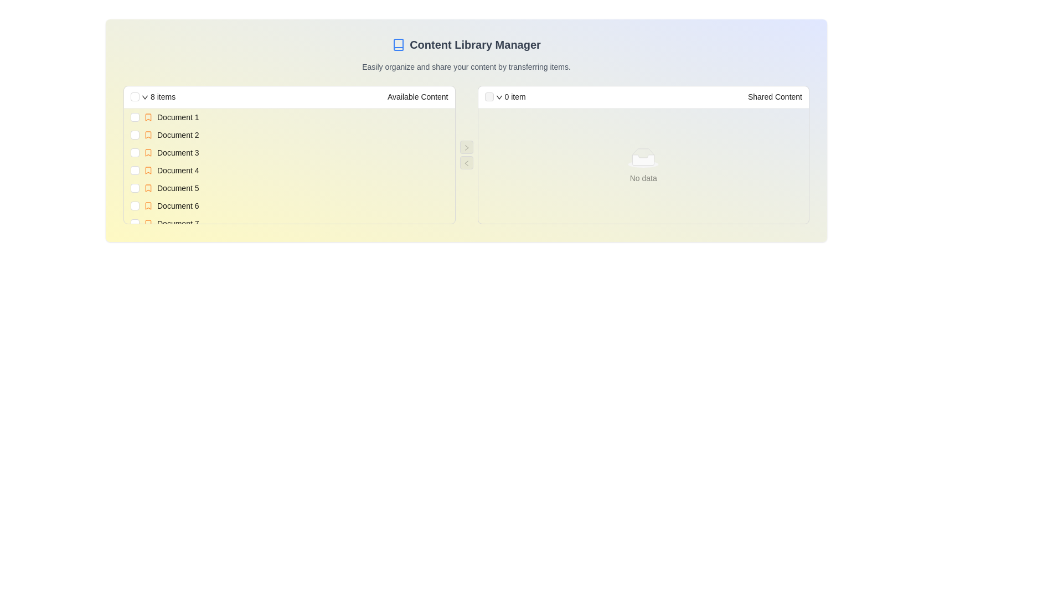 The image size is (1063, 598). Describe the element at coordinates (289, 171) in the screenshot. I see `the list item labeled 'Document 4'` at that location.